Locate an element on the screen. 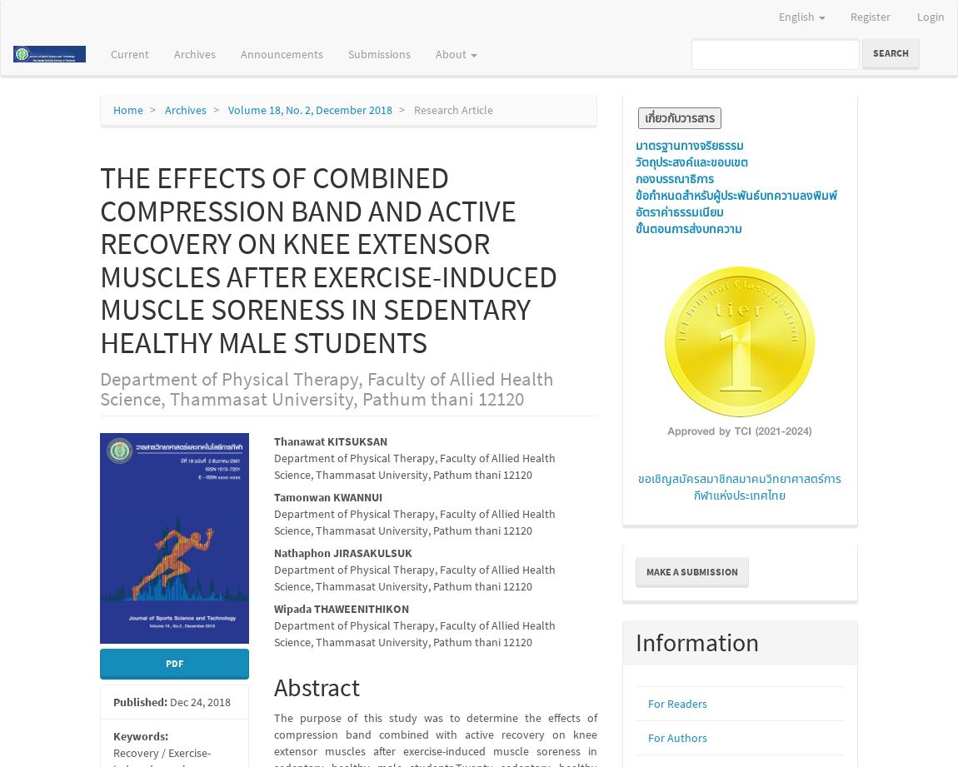 This screenshot has width=958, height=767. 'Dec 24, 2018' is located at coordinates (197, 700).